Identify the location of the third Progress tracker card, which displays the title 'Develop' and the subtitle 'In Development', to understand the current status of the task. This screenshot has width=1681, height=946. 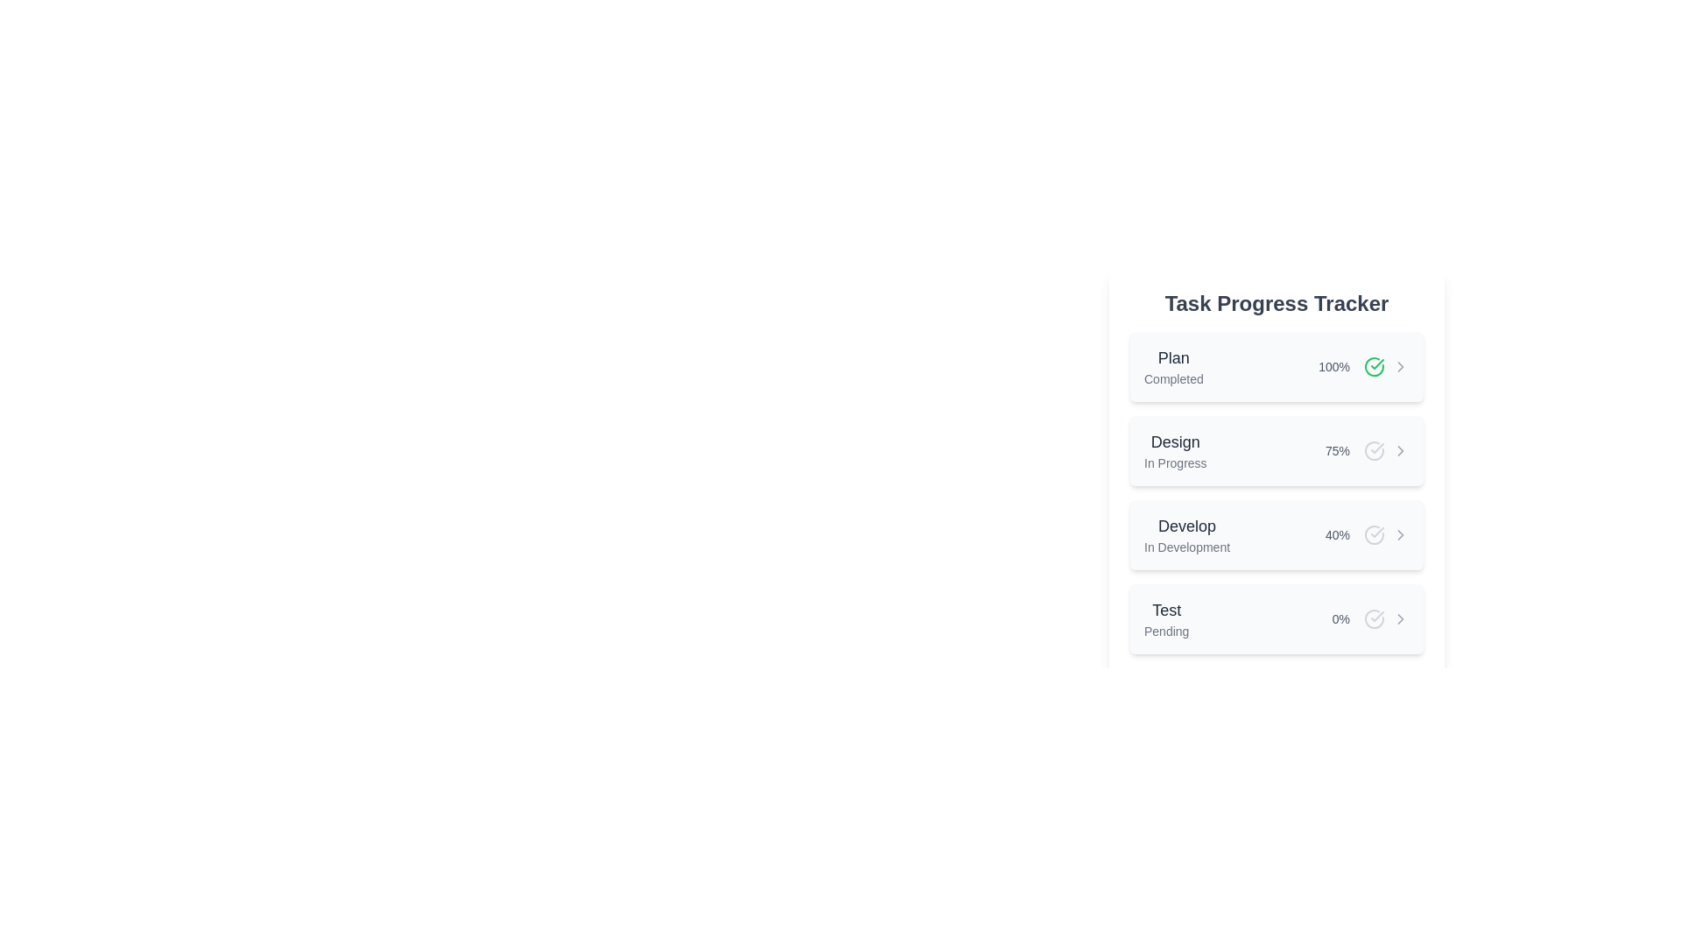
(1277, 533).